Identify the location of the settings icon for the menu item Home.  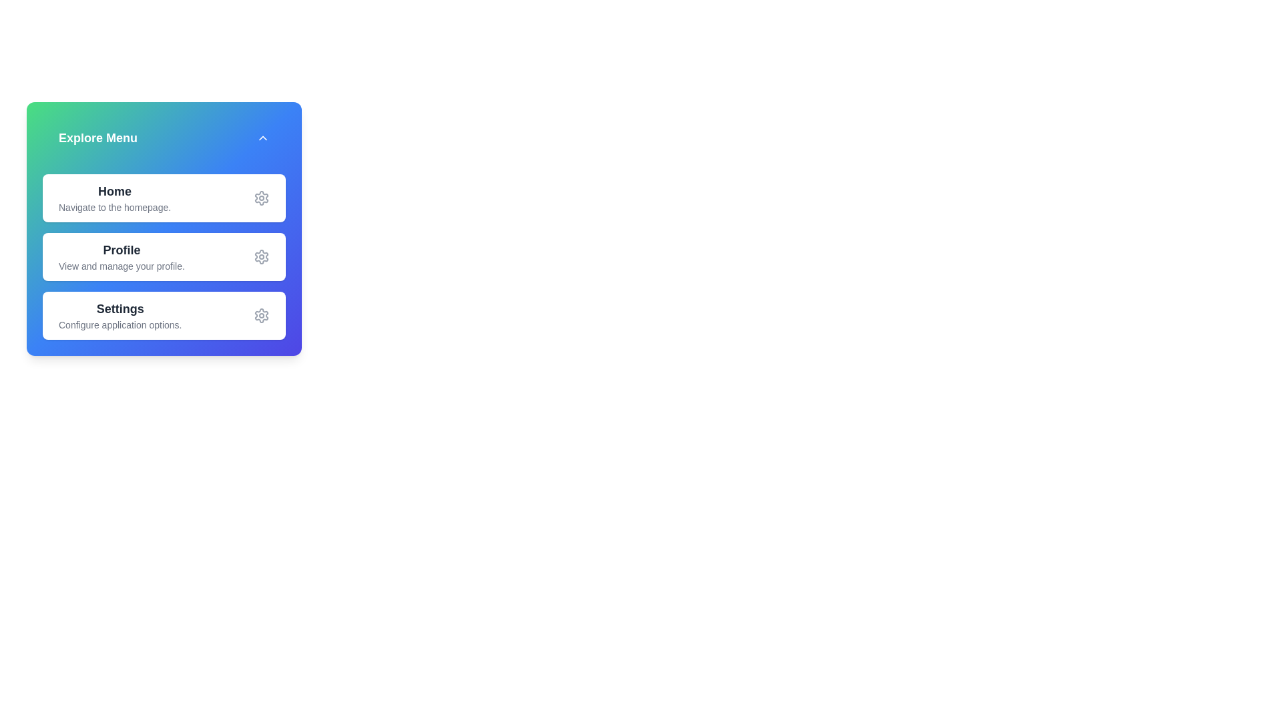
(262, 198).